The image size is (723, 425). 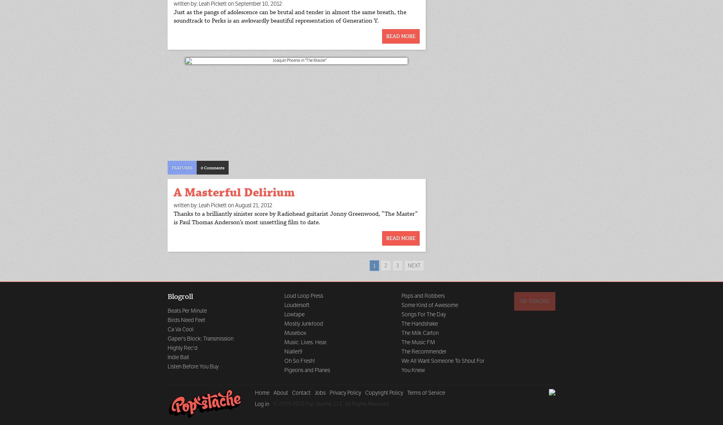 What do you see at coordinates (303, 323) in the screenshot?
I see `'Mostly Junkfood'` at bounding box center [303, 323].